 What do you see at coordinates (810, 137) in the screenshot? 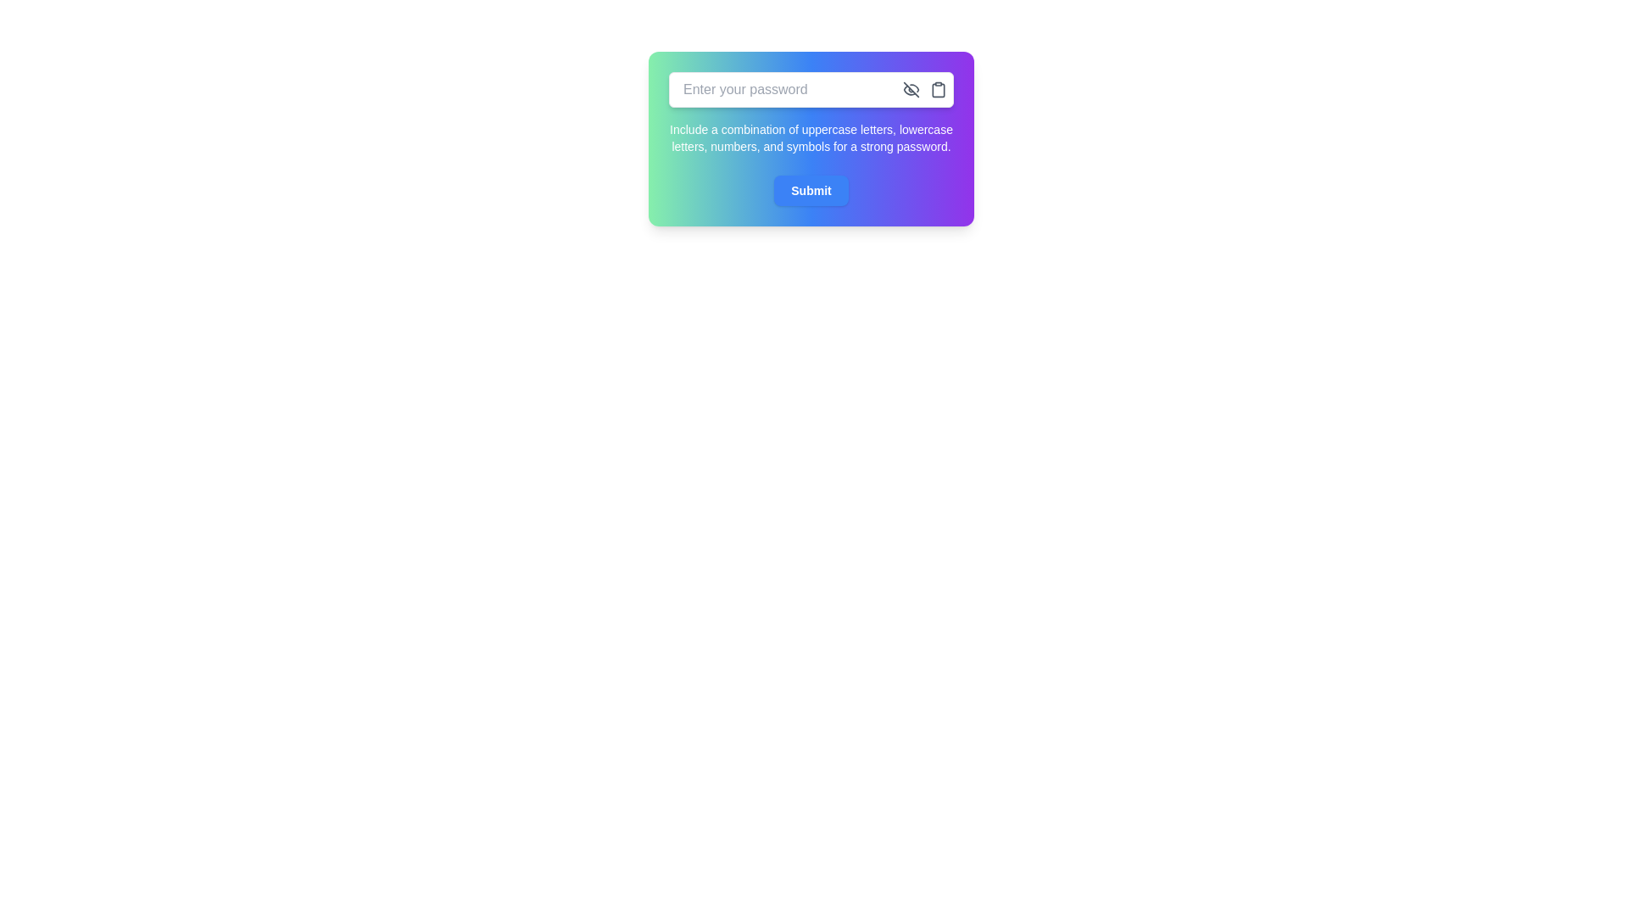
I see `the informational text which is a small white font paragraph against a colorful gradient background, located below the password input field and above the 'Submit' button` at bounding box center [810, 137].